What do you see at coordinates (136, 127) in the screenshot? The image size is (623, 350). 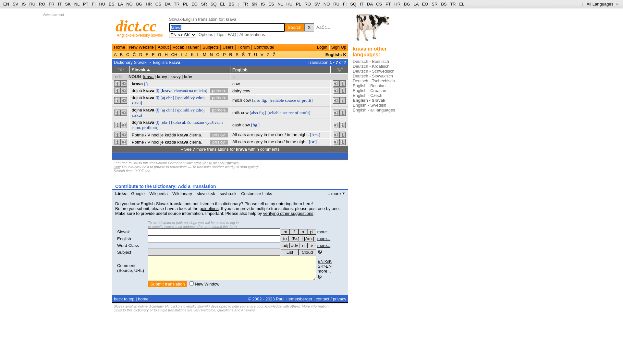 I see `'ekon.'` at bounding box center [136, 127].